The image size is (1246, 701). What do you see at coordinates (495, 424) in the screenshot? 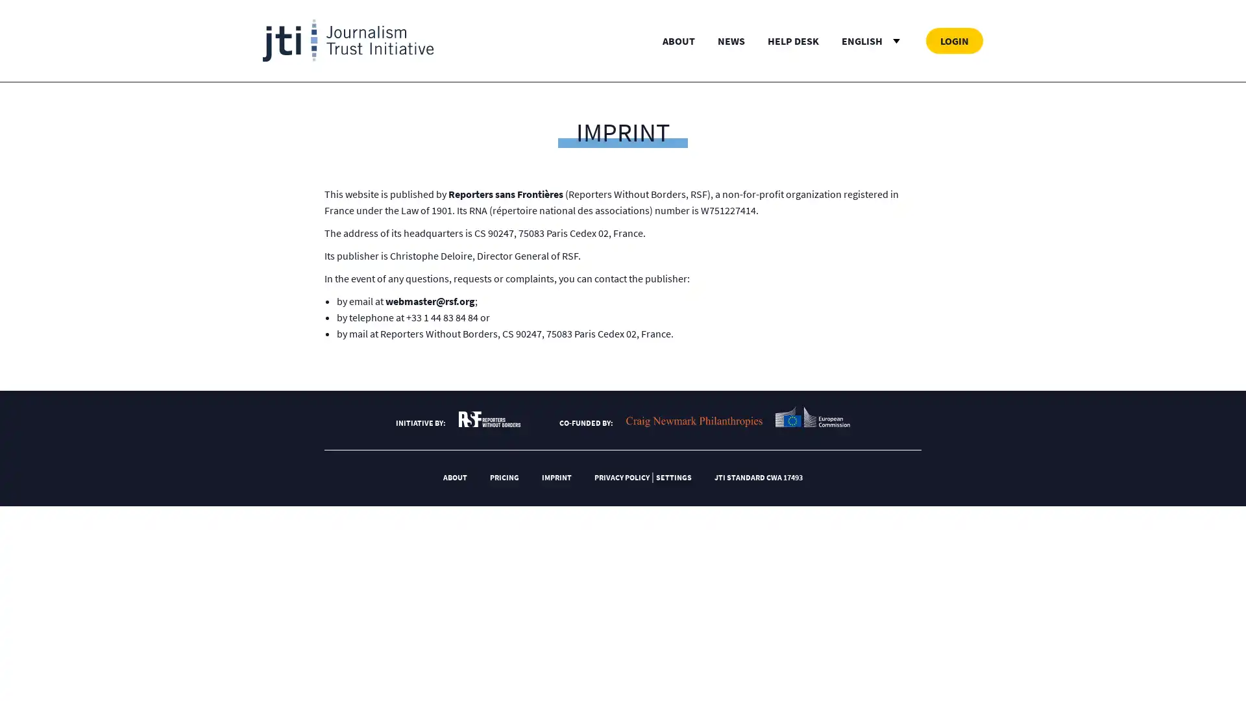
I see `Save Services` at bounding box center [495, 424].